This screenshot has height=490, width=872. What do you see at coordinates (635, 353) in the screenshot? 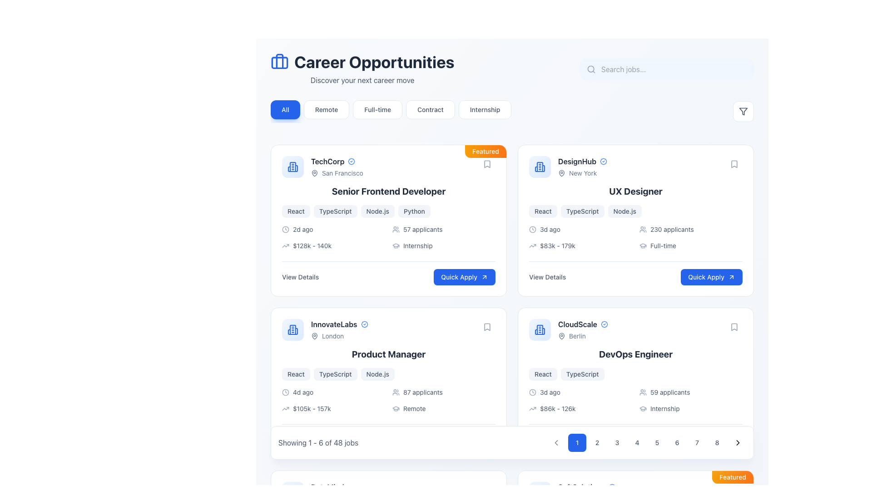
I see `text from the bold, dark 'DevOps Engineer' label that is centrally positioned at the bottom-right of the job listing card, located below the 'CloudScale Berlin' header` at bounding box center [635, 353].